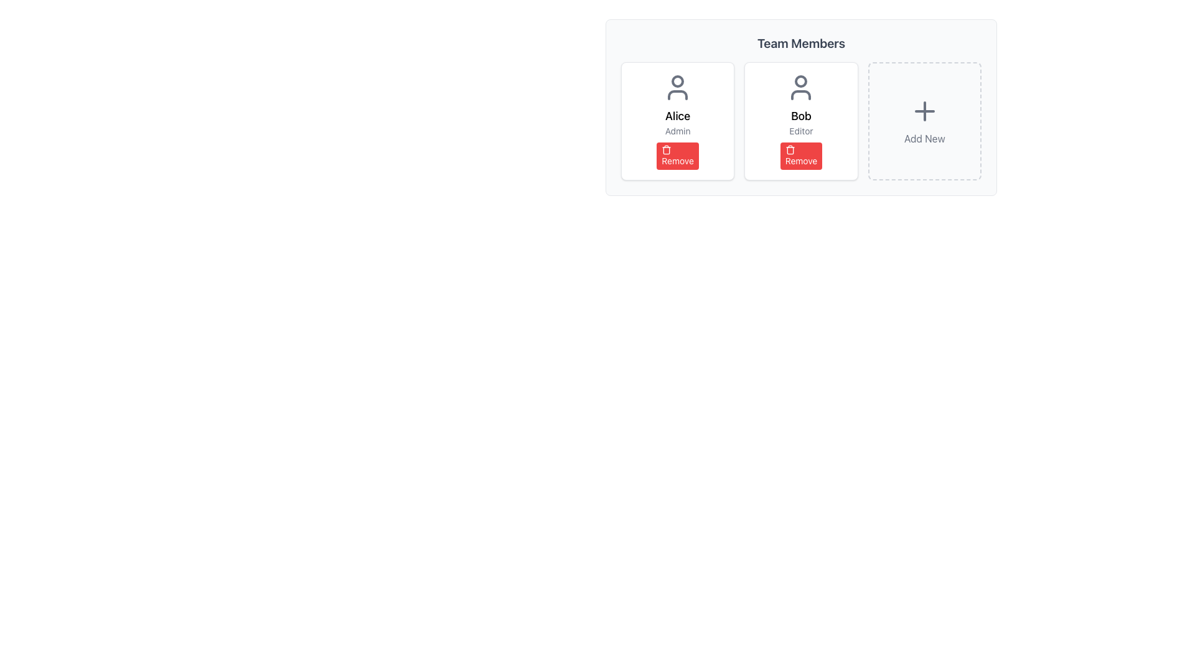 This screenshot has width=1195, height=672. I want to click on the button that adds a new member, positioned to the right of 'Alice' and 'Bob', to observe hover effects, so click(924, 121).